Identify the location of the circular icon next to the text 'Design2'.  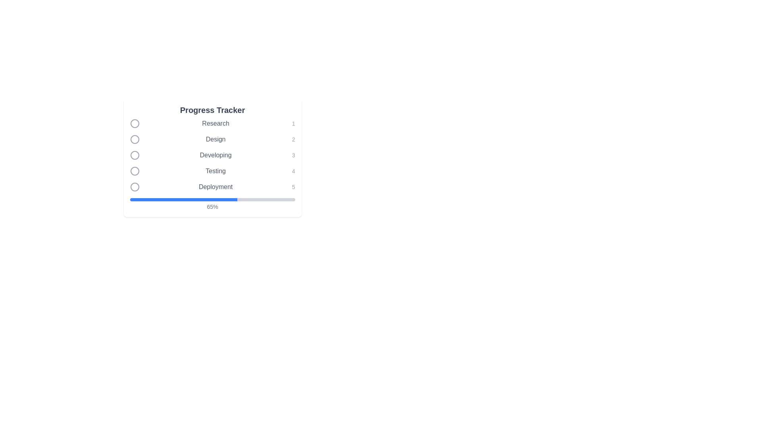
(135, 139).